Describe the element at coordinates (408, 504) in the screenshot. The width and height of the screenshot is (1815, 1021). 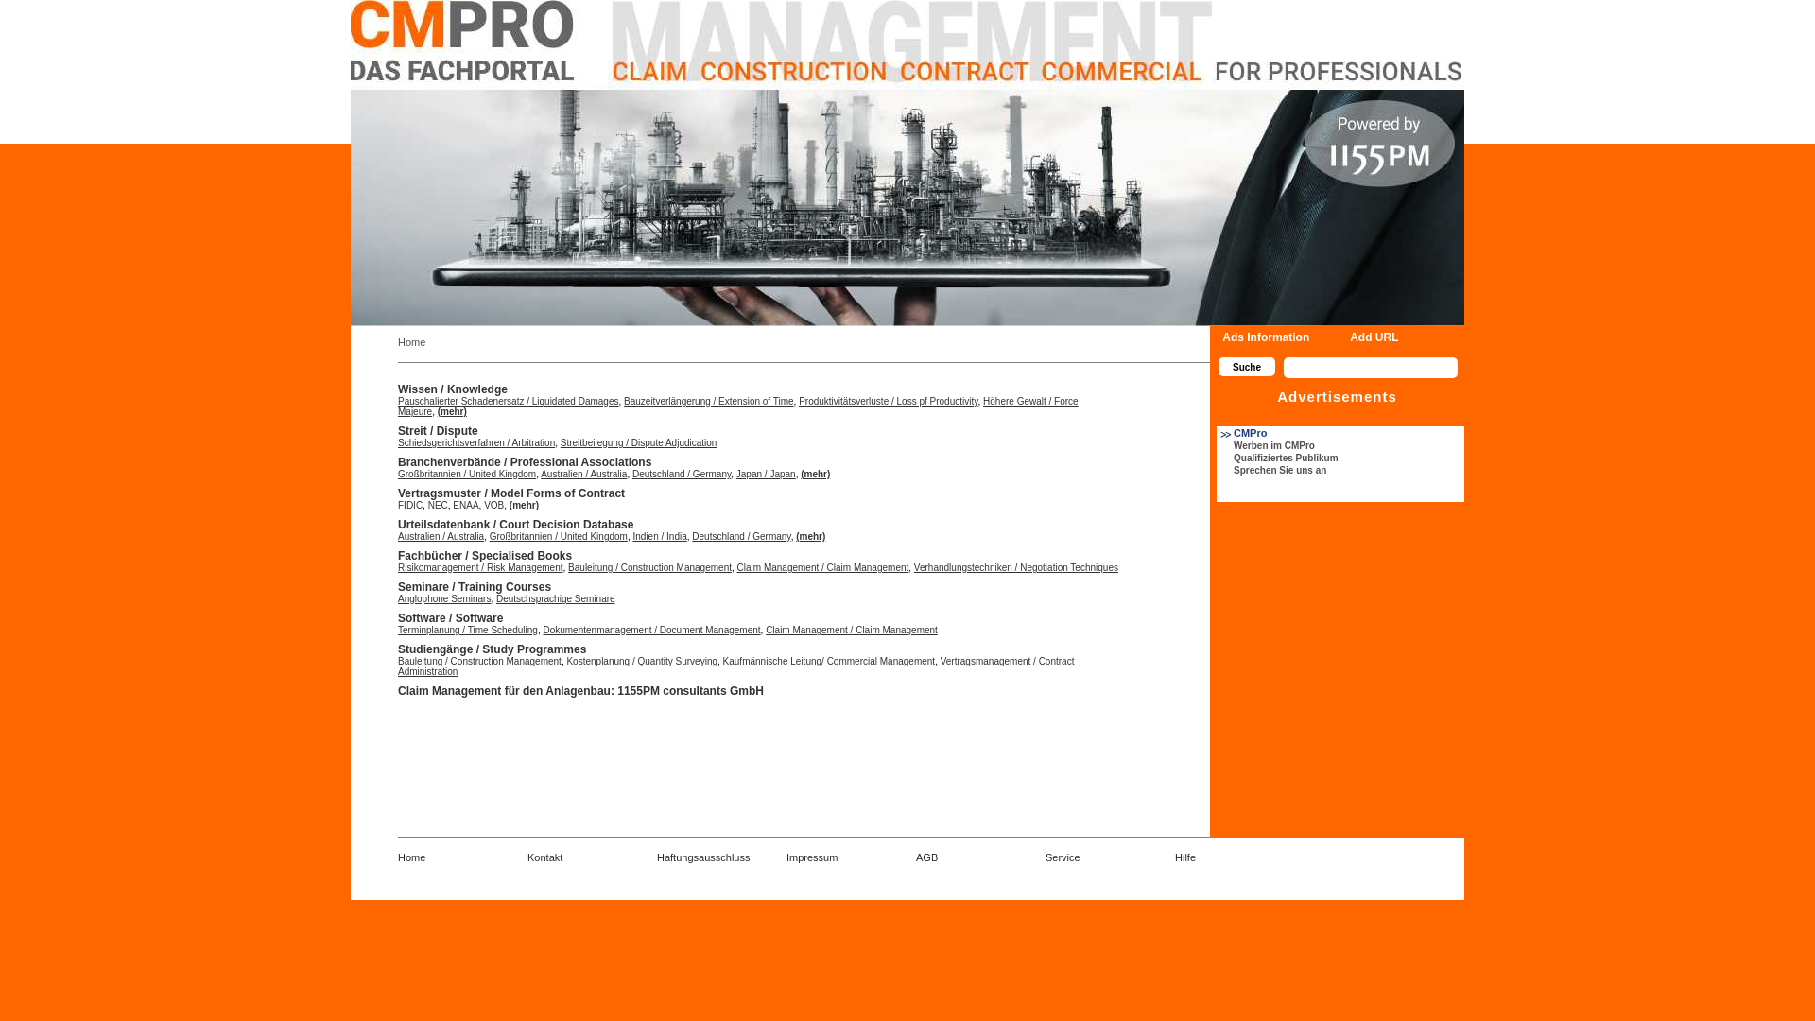
I see `'FIDIC'` at that location.